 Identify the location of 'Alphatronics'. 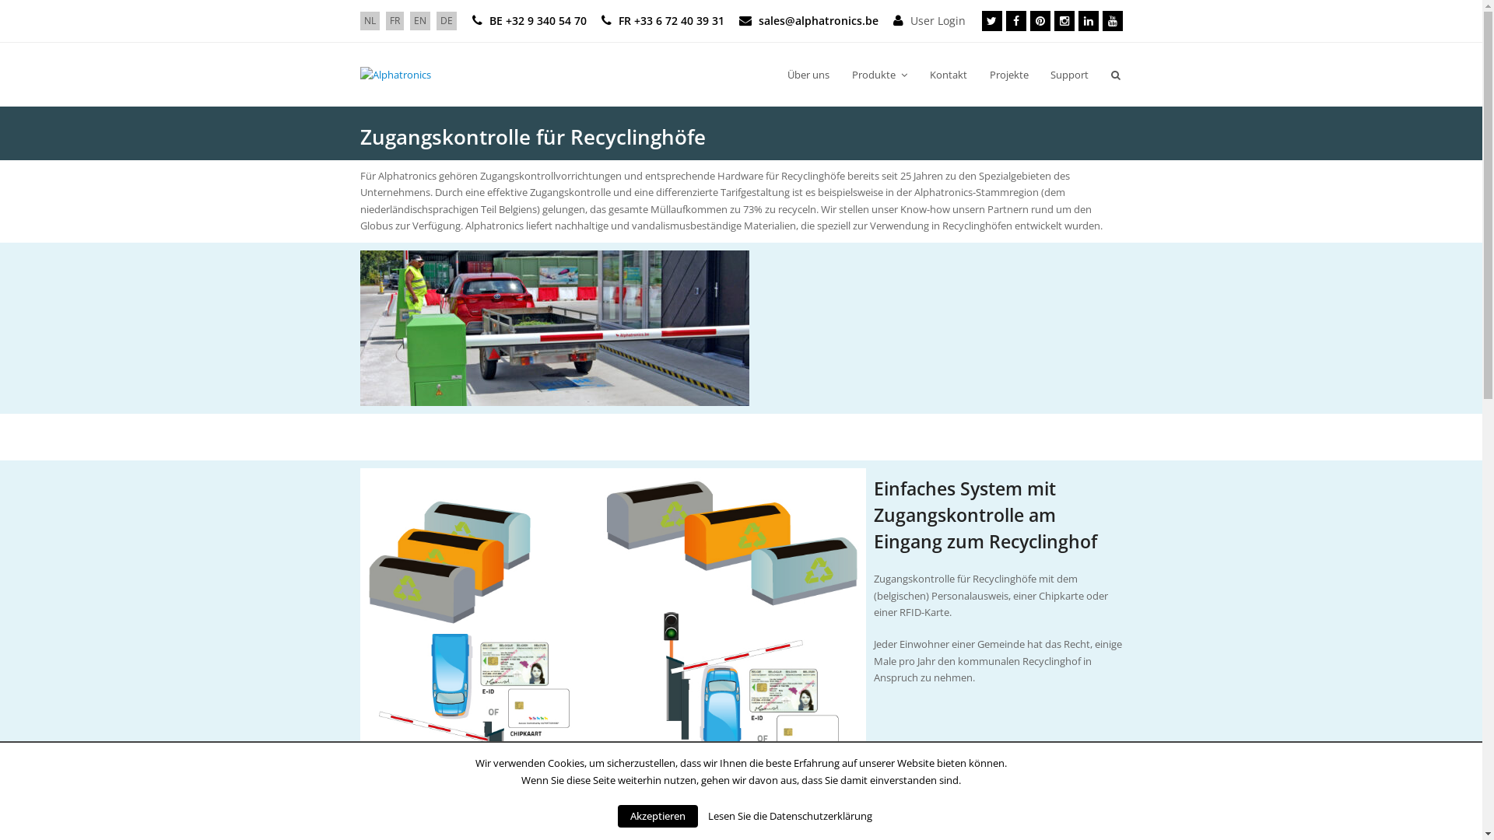
(395, 74).